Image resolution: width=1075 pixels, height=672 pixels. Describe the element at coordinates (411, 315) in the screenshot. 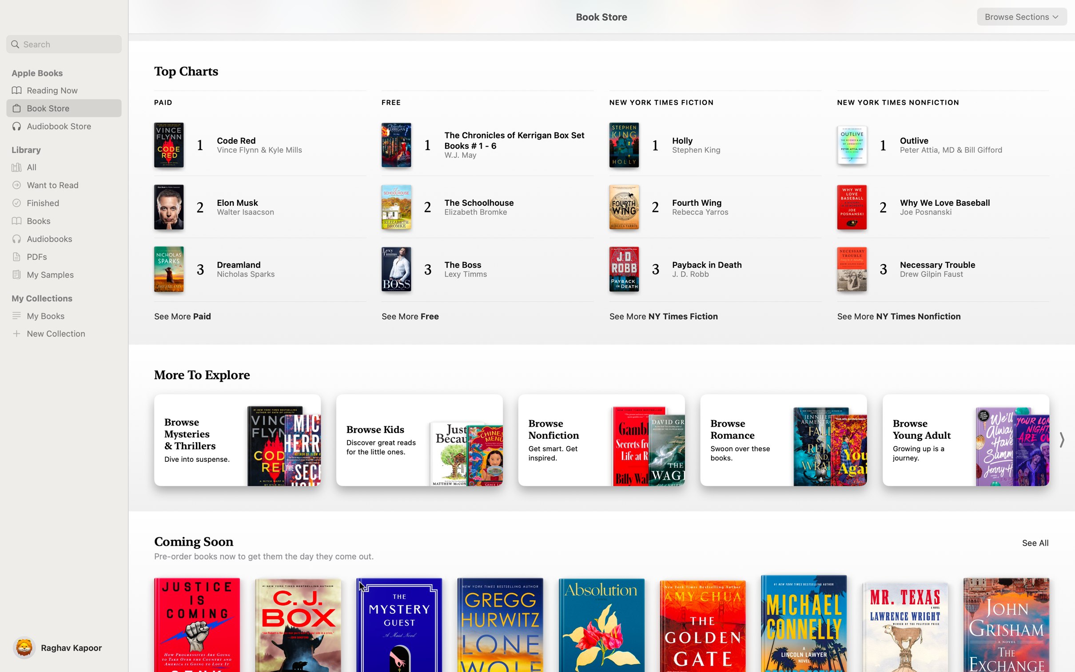

I see `See the full list of free books in top charts` at that location.